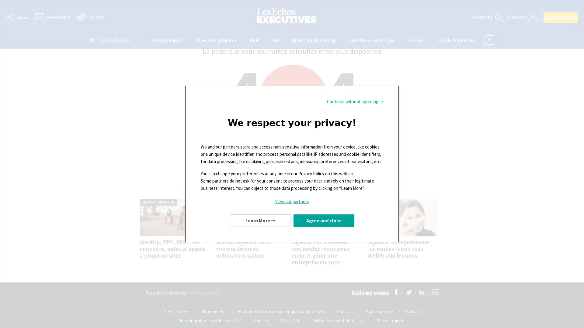  What do you see at coordinates (260, 220) in the screenshot?
I see `Configure your consents` at bounding box center [260, 220].